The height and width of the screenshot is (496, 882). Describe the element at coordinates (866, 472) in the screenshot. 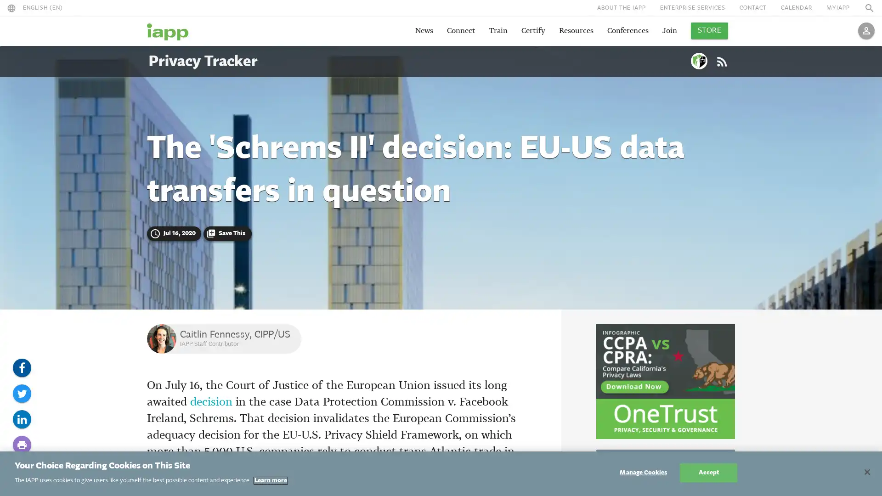

I see `Close` at that location.